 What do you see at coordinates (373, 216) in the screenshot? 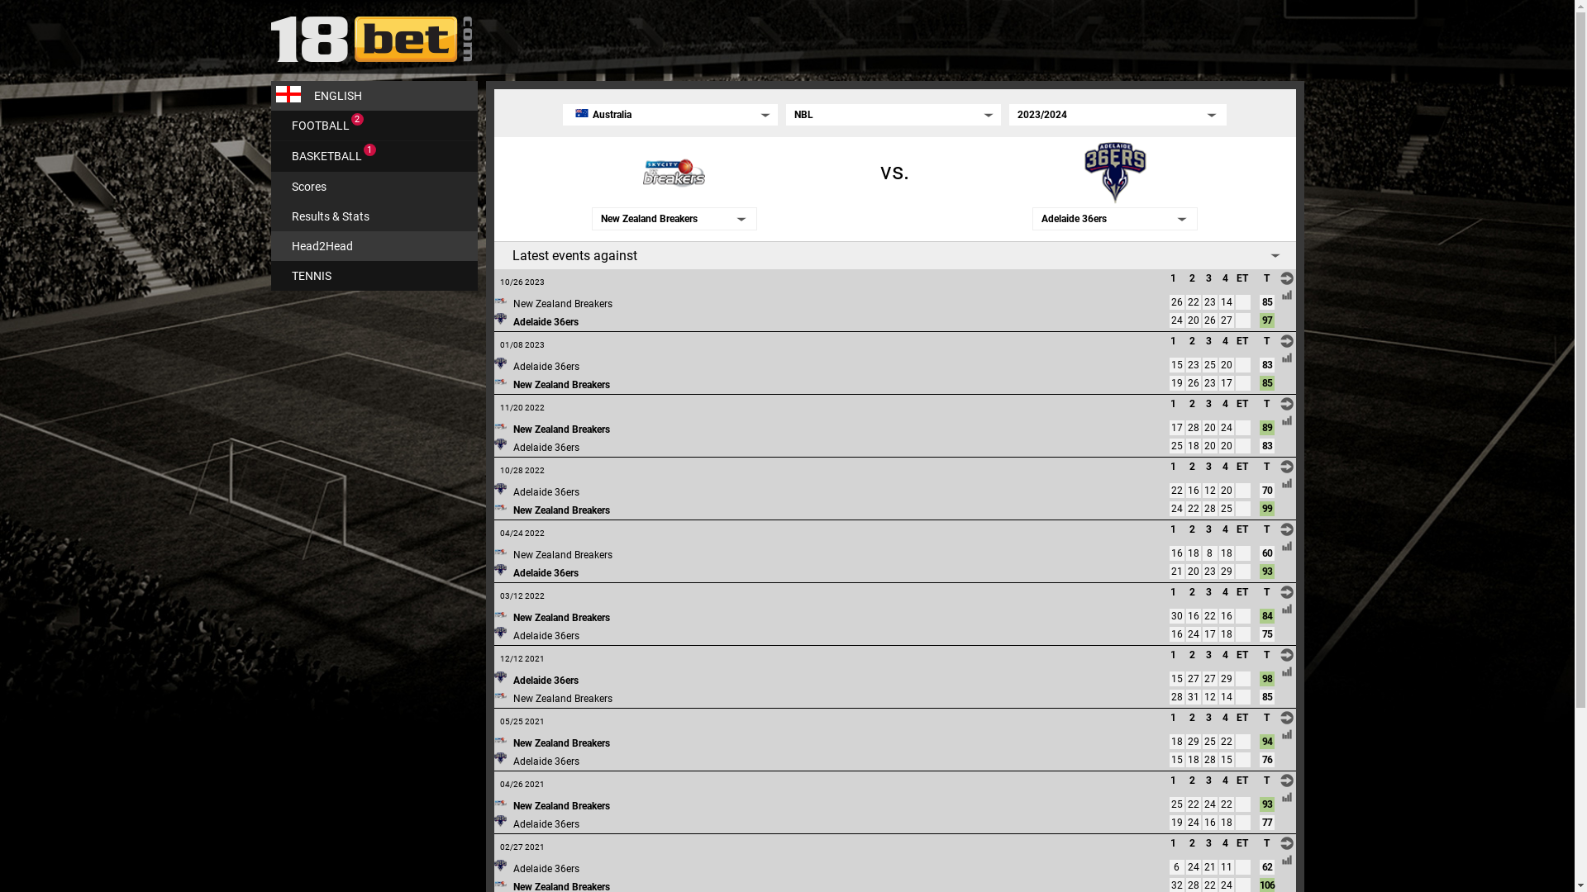
I see `'Results & Stats'` at bounding box center [373, 216].